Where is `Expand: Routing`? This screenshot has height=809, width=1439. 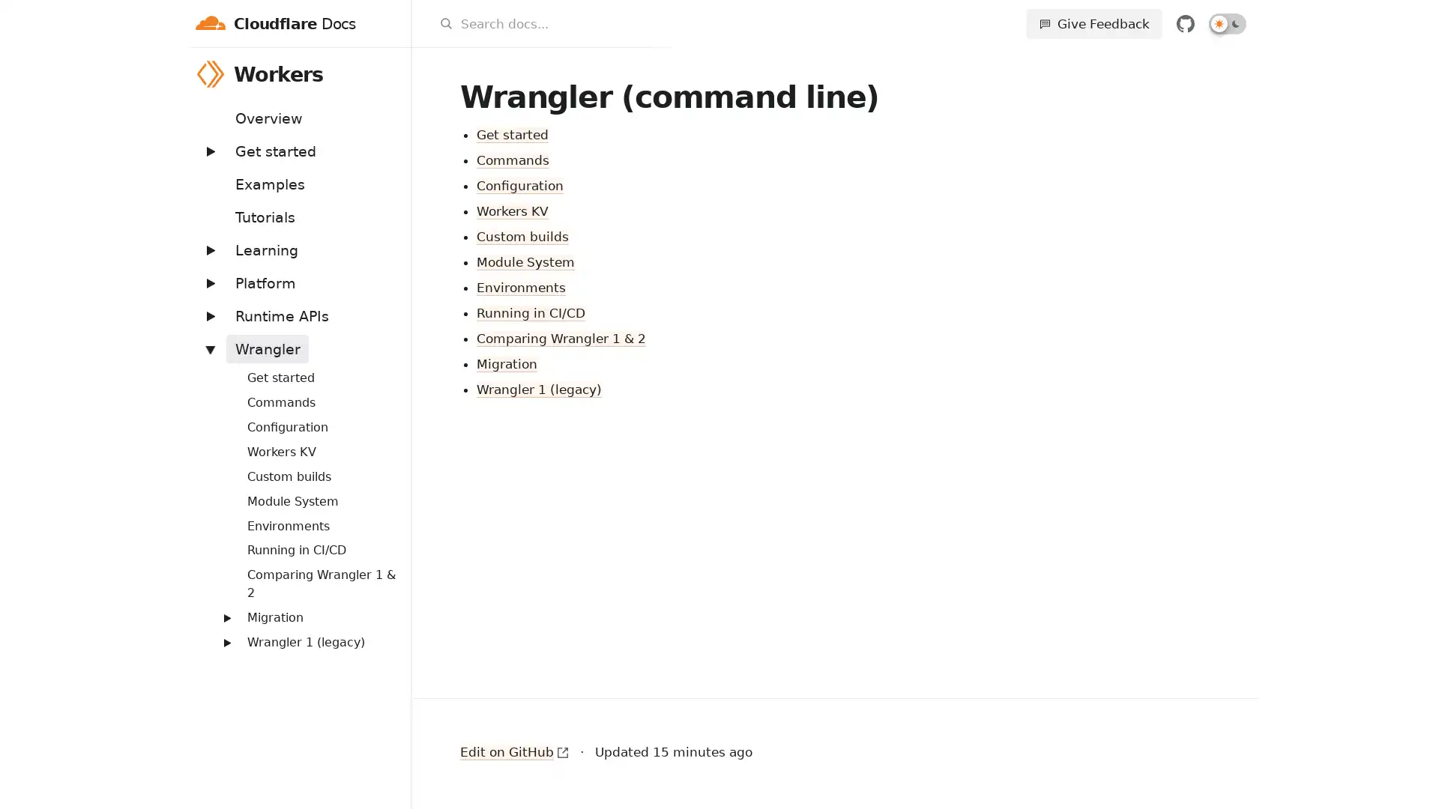
Expand: Routing is located at coordinates (218, 632).